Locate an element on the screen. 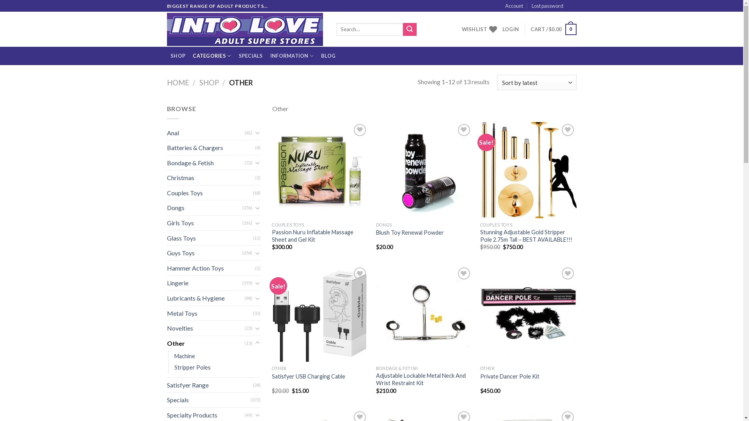 The image size is (749, 421). 'WISHLIST' is located at coordinates (479, 28).